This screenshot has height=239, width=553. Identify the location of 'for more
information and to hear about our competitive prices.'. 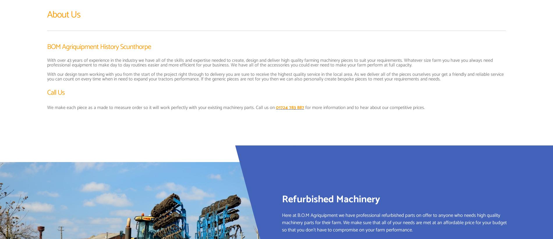
(364, 107).